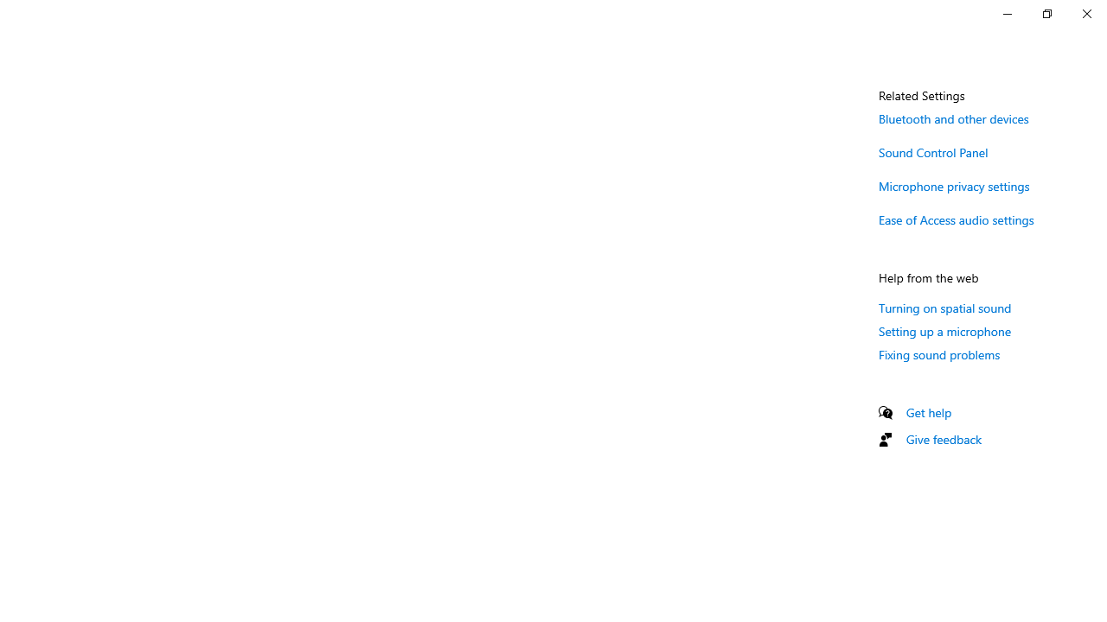  What do you see at coordinates (1085, 13) in the screenshot?
I see `'Close Settings'` at bounding box center [1085, 13].